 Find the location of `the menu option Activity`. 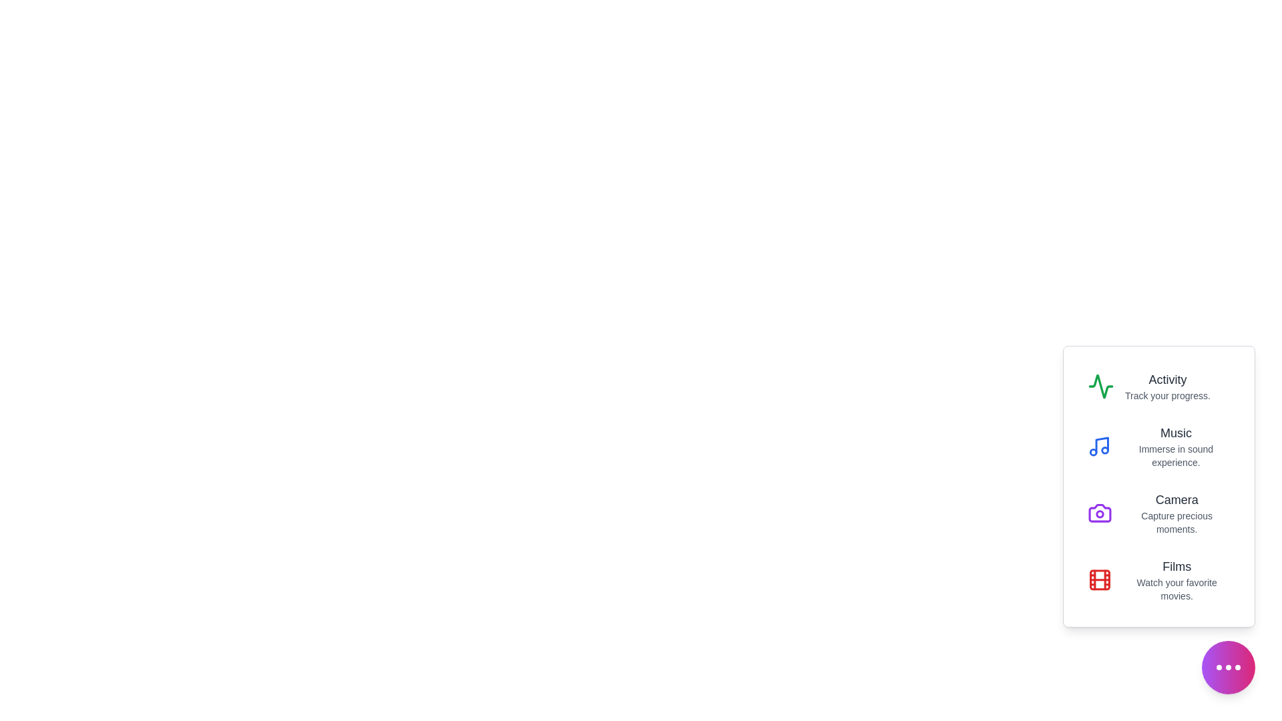

the menu option Activity is located at coordinates (1158, 386).